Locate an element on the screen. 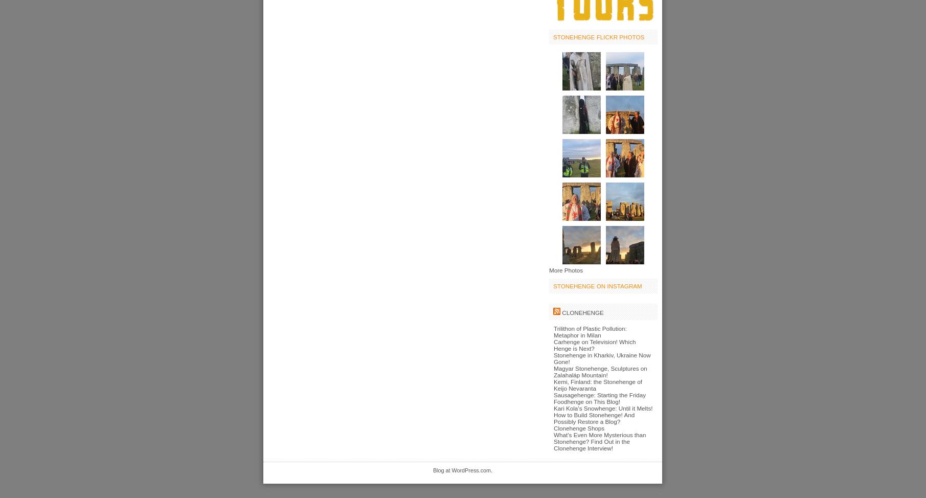 The height and width of the screenshot is (498, 926). 'Stonehenge in Kharkiv, Ukraine Now Gone!' is located at coordinates (601, 358).